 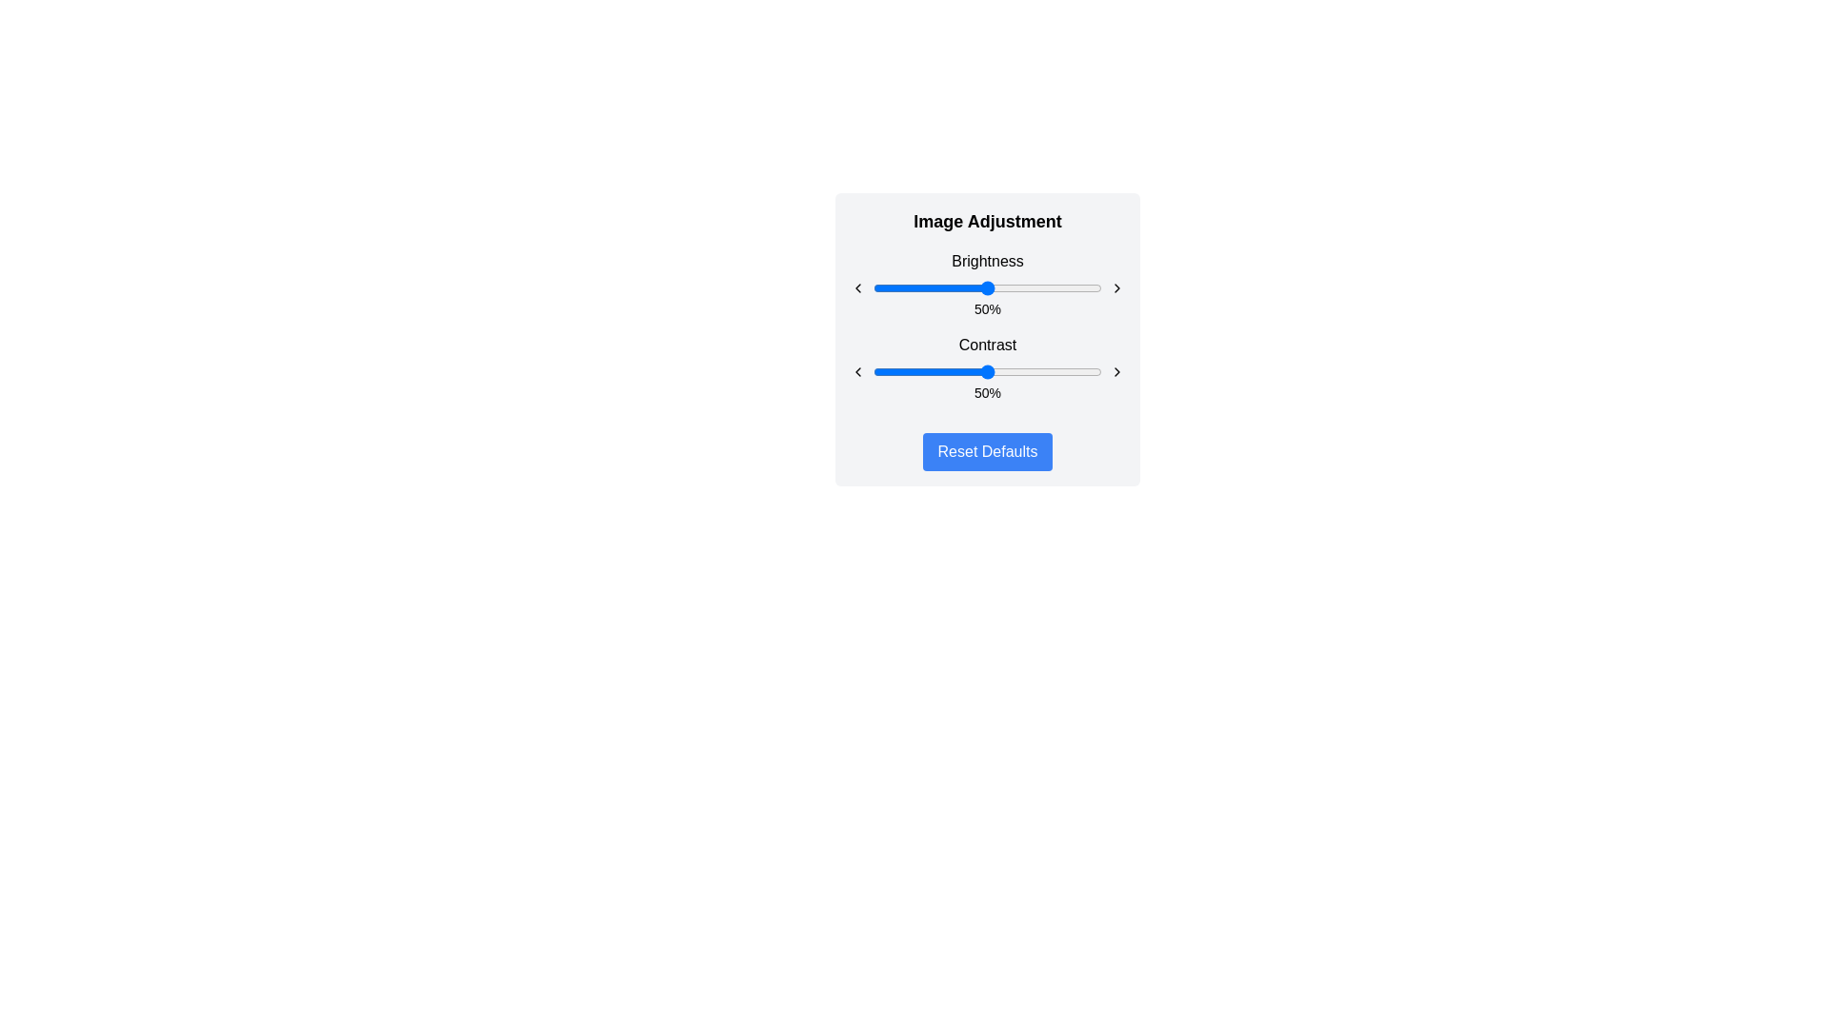 What do you see at coordinates (980, 288) in the screenshot?
I see `brightness` at bounding box center [980, 288].